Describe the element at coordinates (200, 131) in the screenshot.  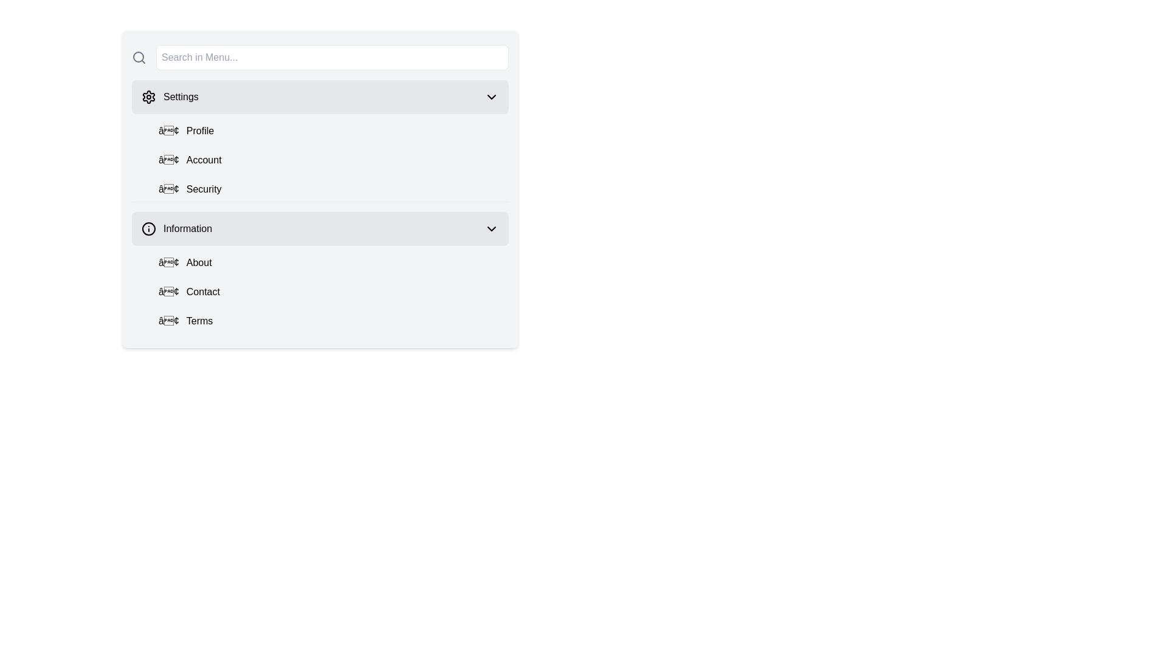
I see `the 'Profile' text label within the dropdown menu under the 'Settings' section` at that location.